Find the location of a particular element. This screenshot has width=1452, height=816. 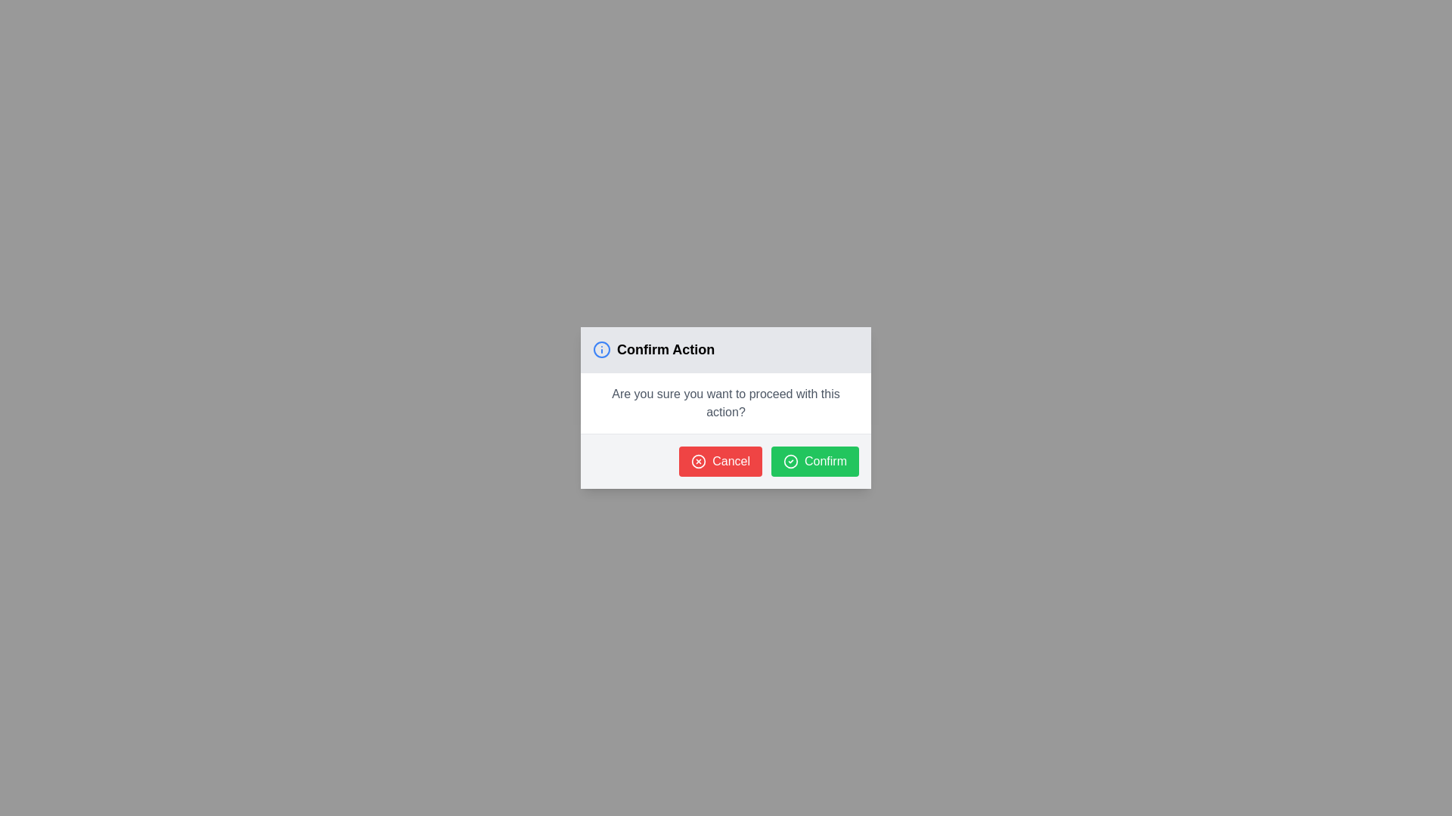

the confirmation icon located to the left of the 'Confirm' label text inside the green rectangular button at the bottom right of the dialog box is located at coordinates (790, 460).